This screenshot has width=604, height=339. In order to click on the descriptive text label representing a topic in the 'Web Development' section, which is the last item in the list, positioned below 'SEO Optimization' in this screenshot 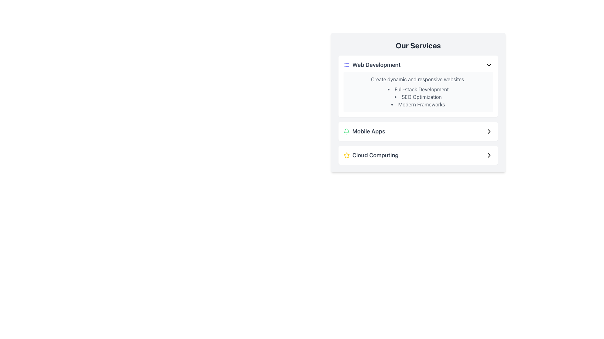, I will do `click(418, 104)`.